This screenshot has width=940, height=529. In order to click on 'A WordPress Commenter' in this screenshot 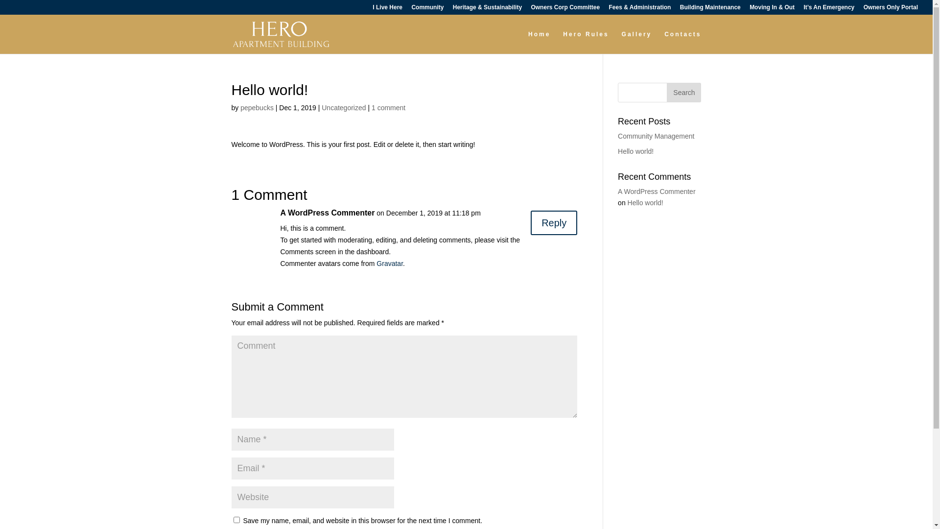, I will do `click(656, 191)`.